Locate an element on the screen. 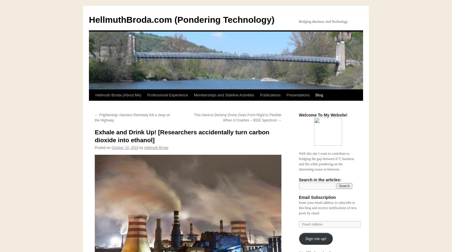  'Hellmuth Broda' is located at coordinates (156, 147).